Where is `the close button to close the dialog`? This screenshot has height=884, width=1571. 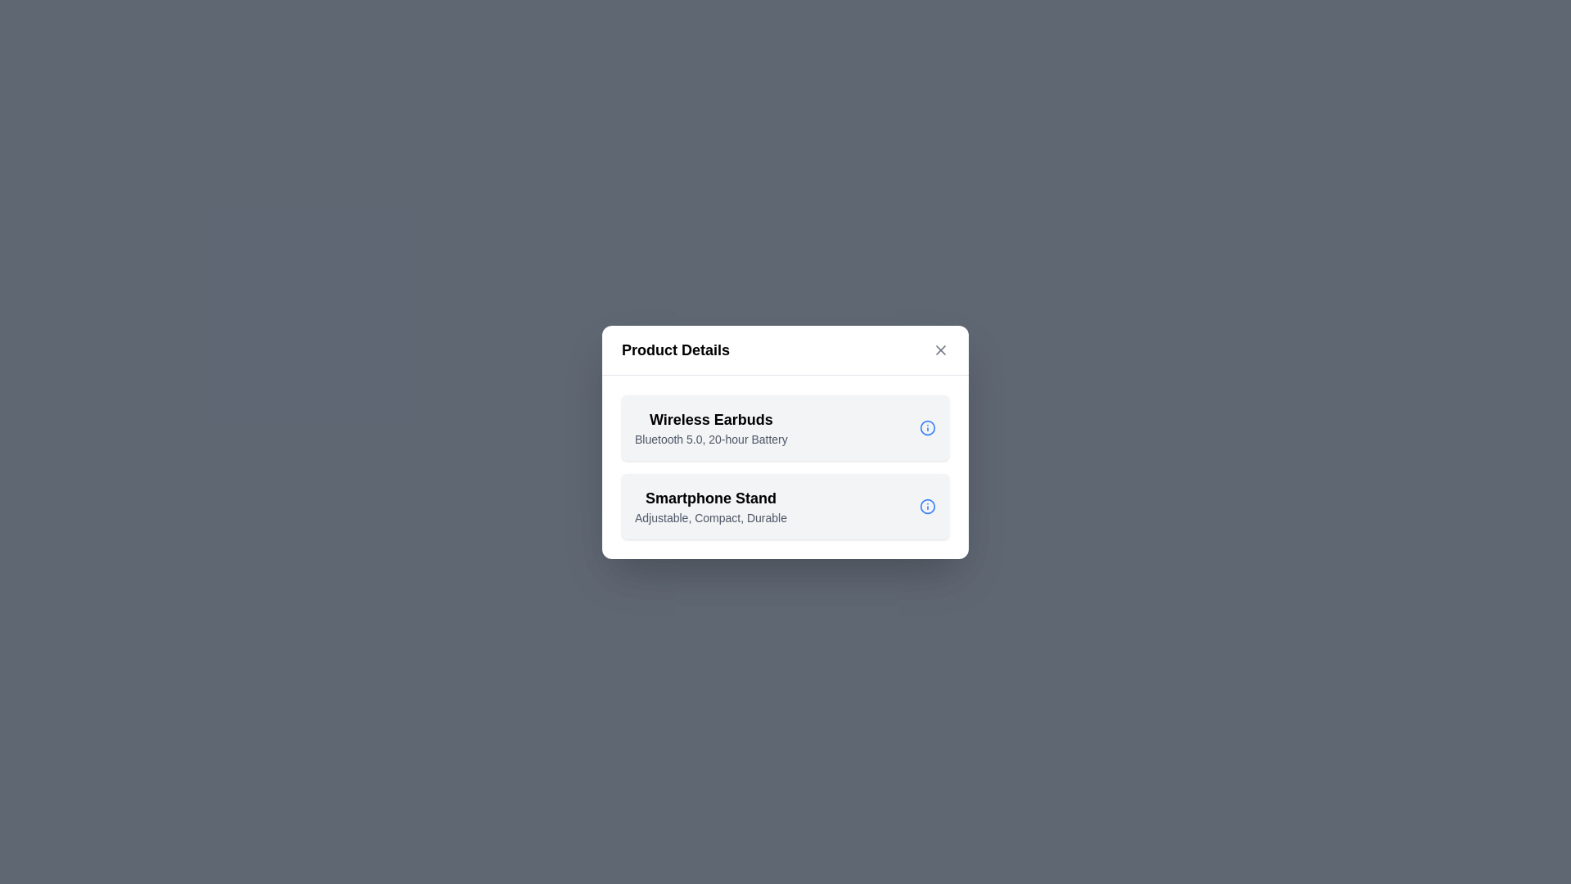
the close button to close the dialog is located at coordinates (941, 349).